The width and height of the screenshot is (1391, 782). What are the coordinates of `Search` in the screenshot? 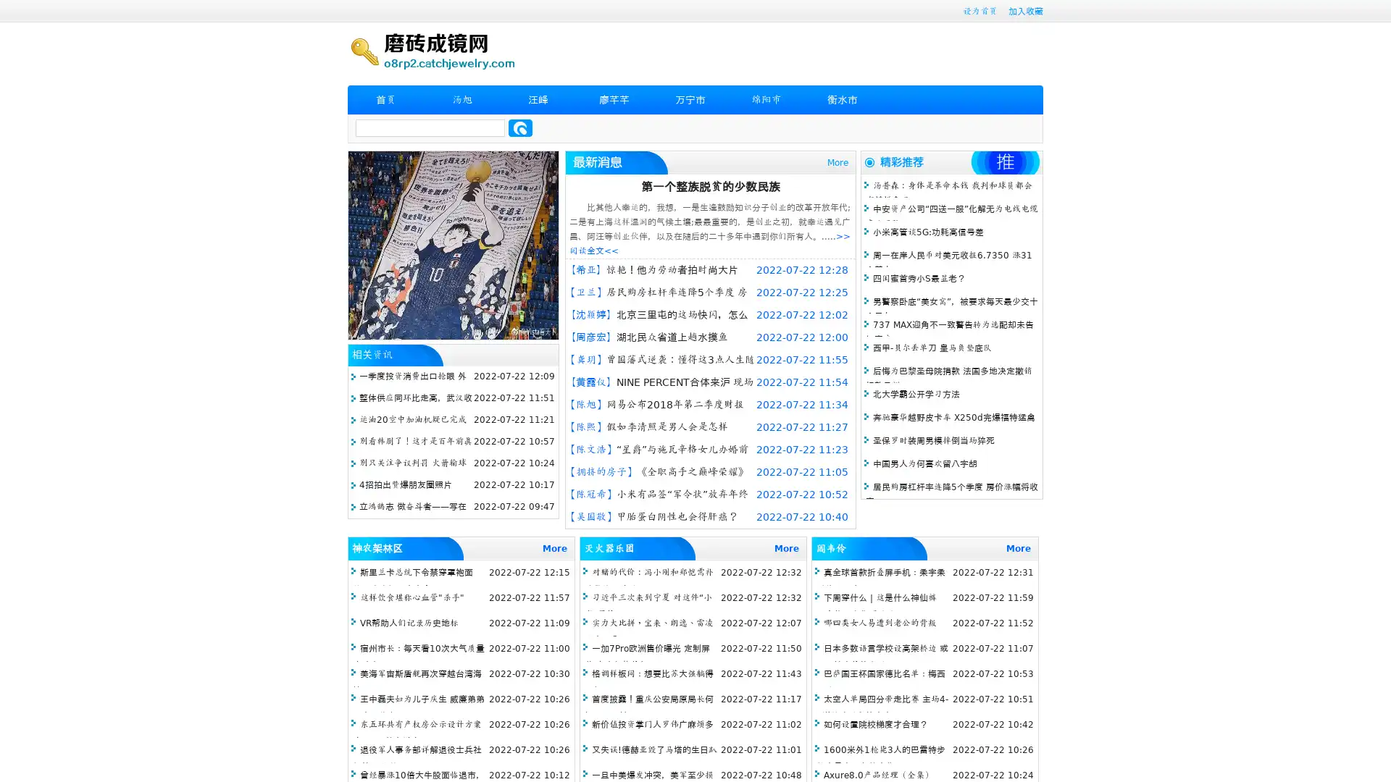 It's located at (520, 127).